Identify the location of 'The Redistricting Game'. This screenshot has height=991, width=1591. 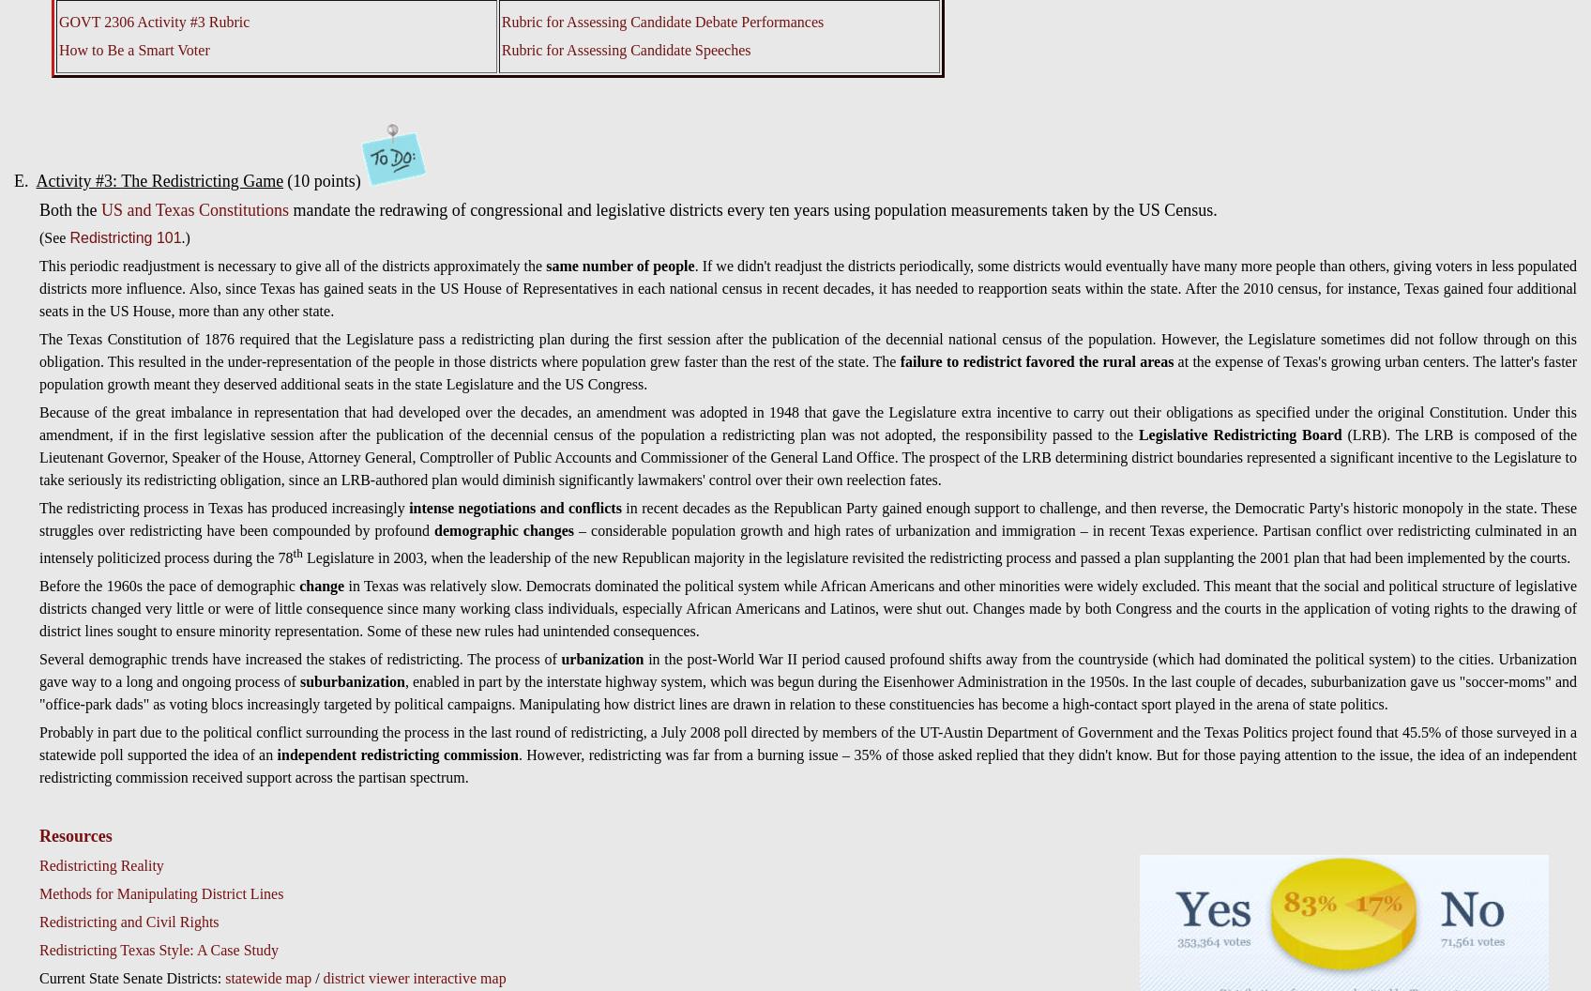
(120, 181).